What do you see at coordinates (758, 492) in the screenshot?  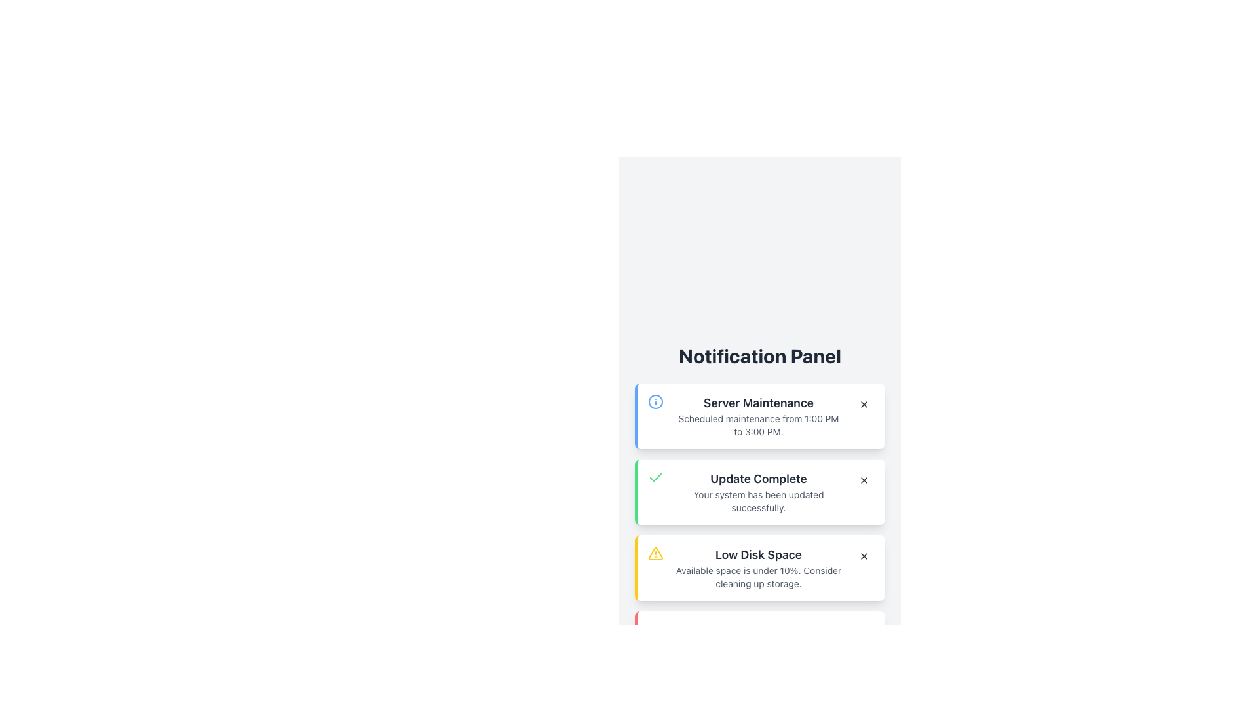 I see `notification text displayed in the text display area that indicates 'Update Complete' and 'Your system has been updated successfully.'` at bounding box center [758, 492].